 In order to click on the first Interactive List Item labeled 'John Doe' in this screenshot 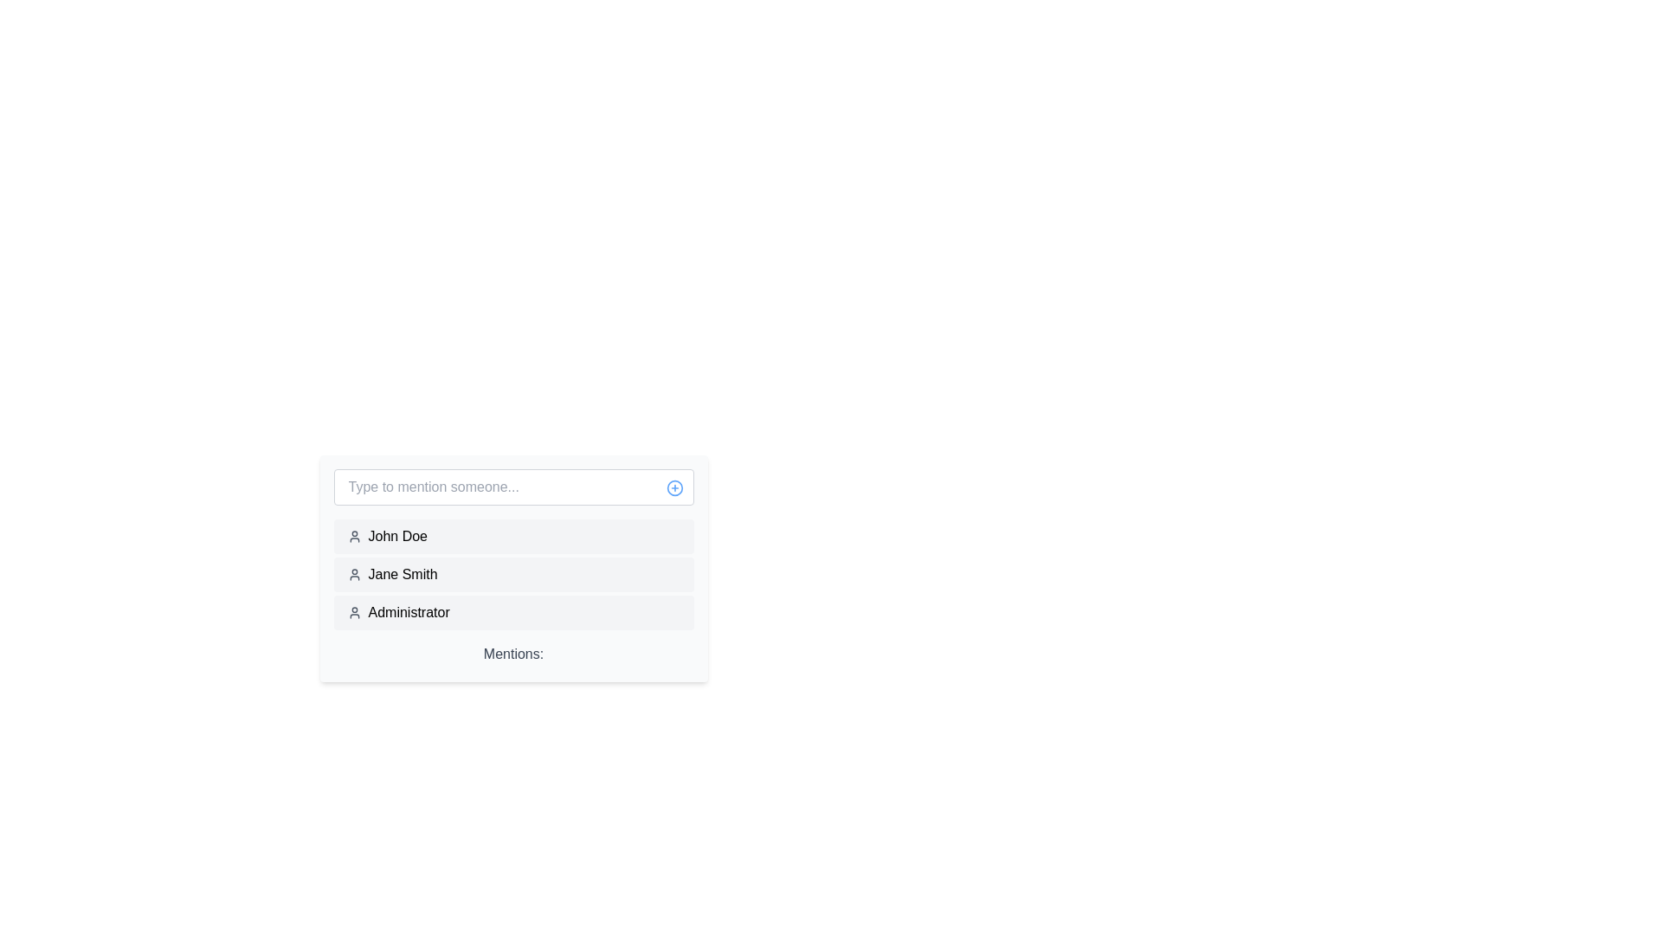, I will do `click(512, 536)`.